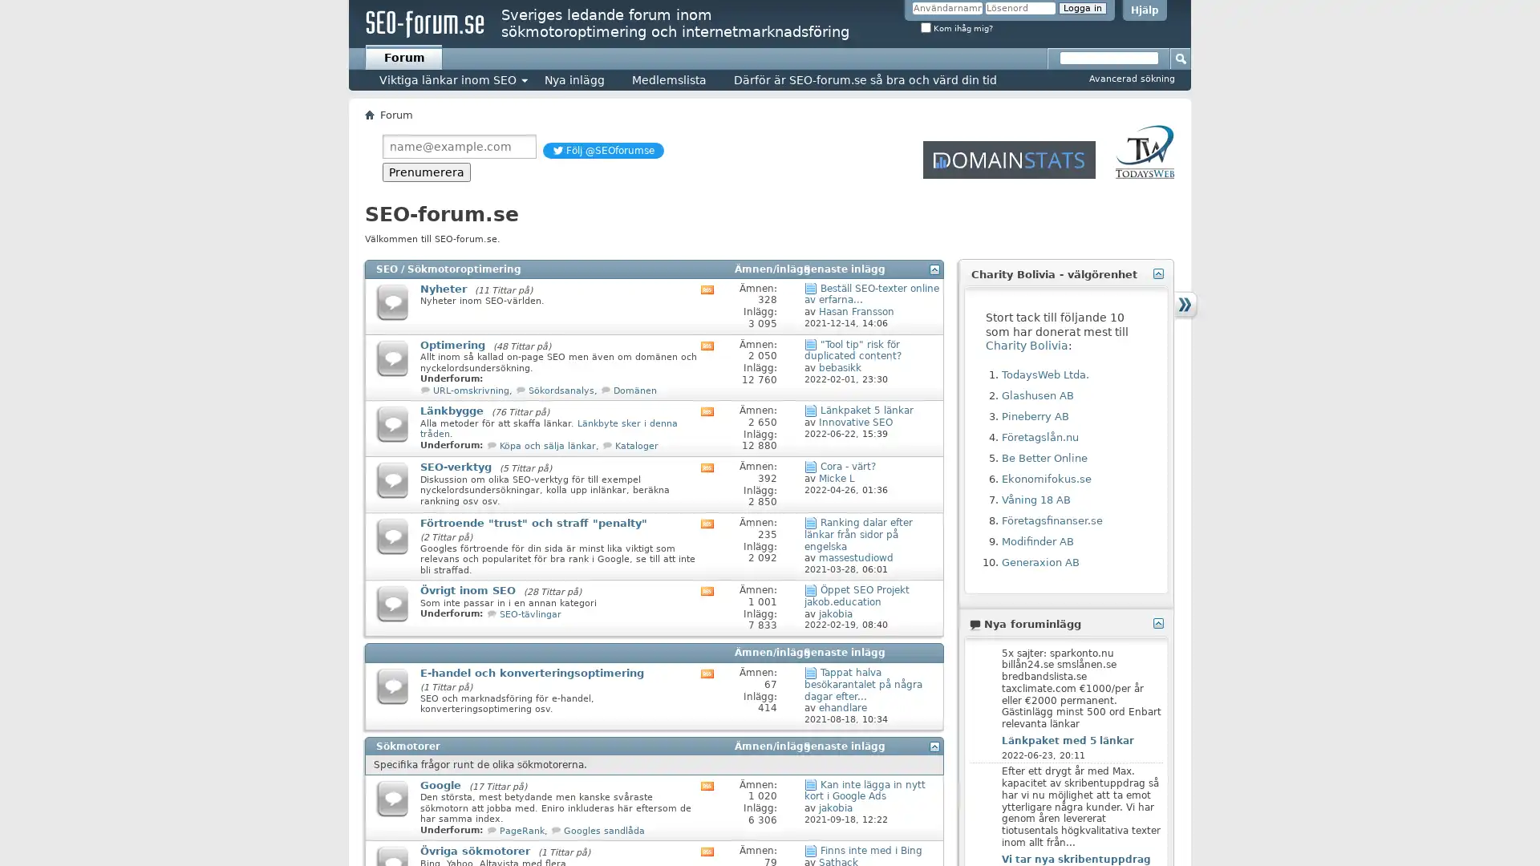 The width and height of the screenshot is (1540, 866). I want to click on Submit, so click(1181, 57).